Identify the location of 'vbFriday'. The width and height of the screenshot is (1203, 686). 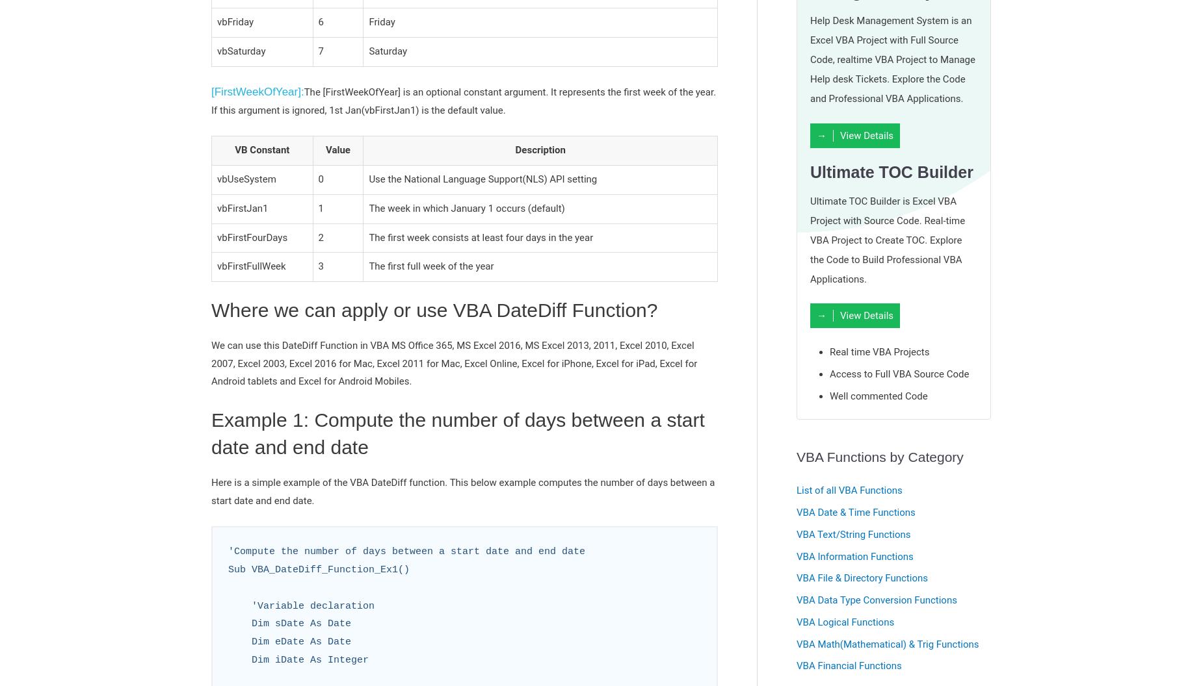
(235, 22).